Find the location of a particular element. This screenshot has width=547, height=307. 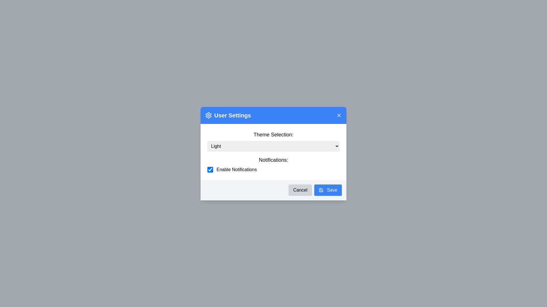

the decorative save icon located to the left of the 'Save' button text in the 'User Settings' dialog window is located at coordinates (321, 190).